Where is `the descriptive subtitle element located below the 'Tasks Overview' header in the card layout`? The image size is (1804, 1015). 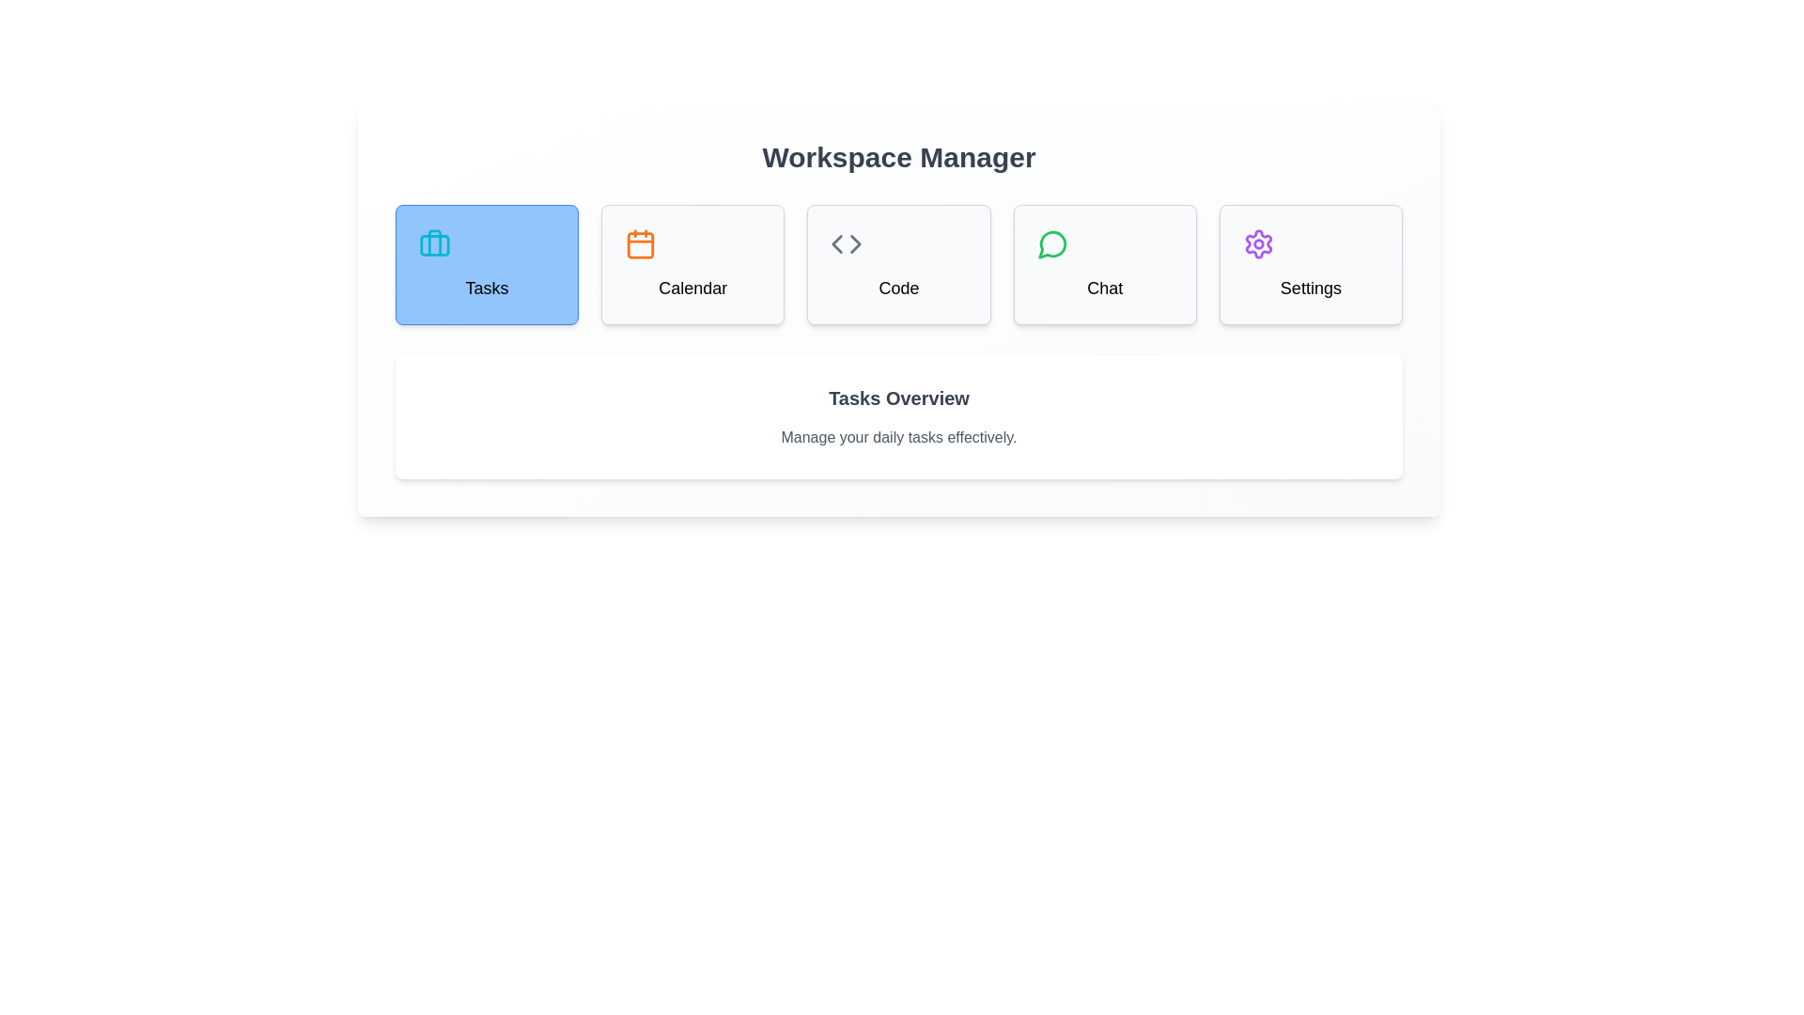 the descriptive subtitle element located below the 'Tasks Overview' header in the card layout is located at coordinates (897, 438).